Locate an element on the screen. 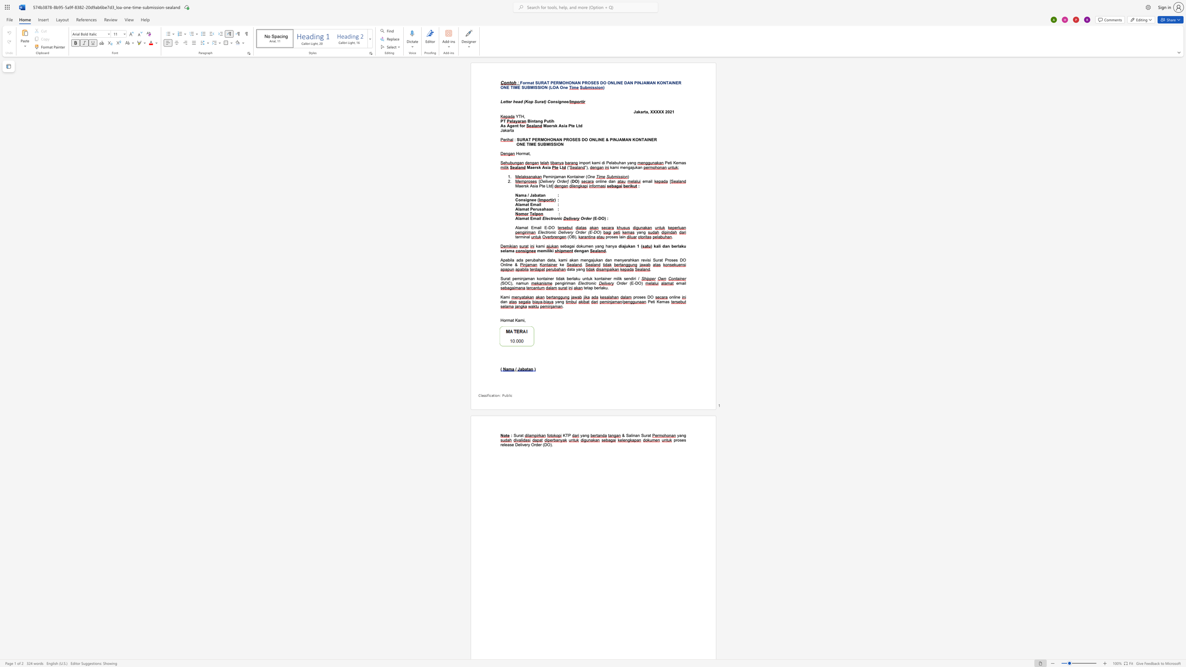 Image resolution: width=1186 pixels, height=667 pixels. the subset text "TIME SUBMISSION" within the text "ONE TIME SUBMISSION" is located at coordinates (510, 87).